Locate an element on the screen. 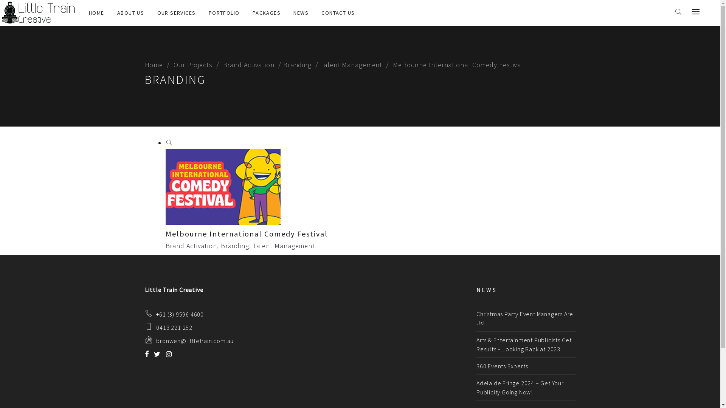 The image size is (726, 408). 'Home' is located at coordinates (156, 64).